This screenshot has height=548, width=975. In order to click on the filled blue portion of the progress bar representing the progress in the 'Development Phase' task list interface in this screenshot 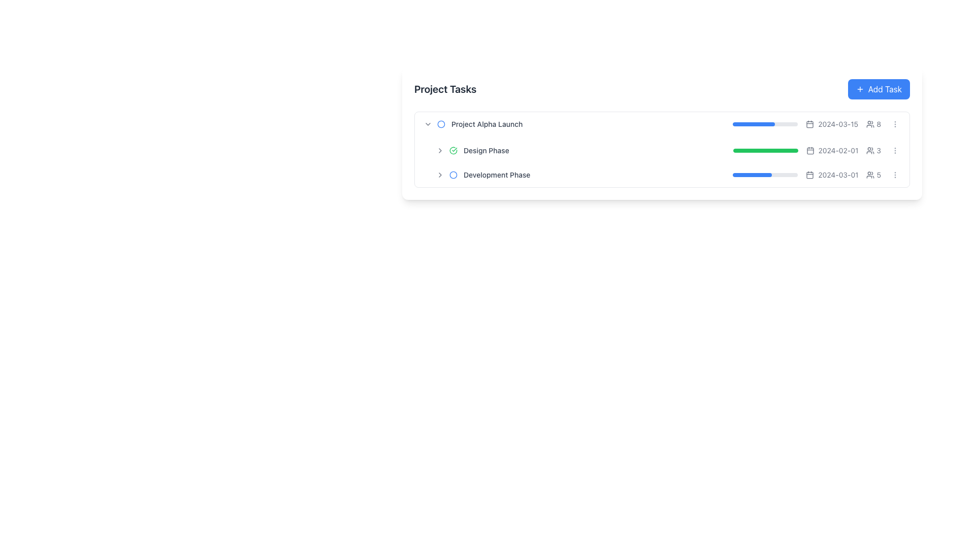, I will do `click(752, 174)`.